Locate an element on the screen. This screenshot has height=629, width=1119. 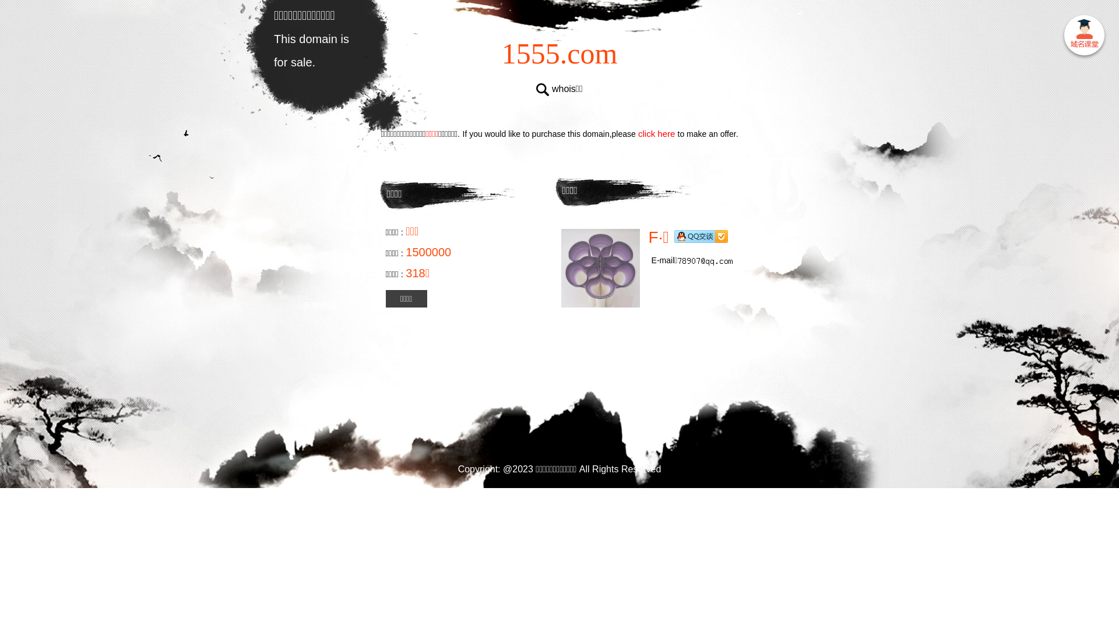
' ' is located at coordinates (1083, 36).